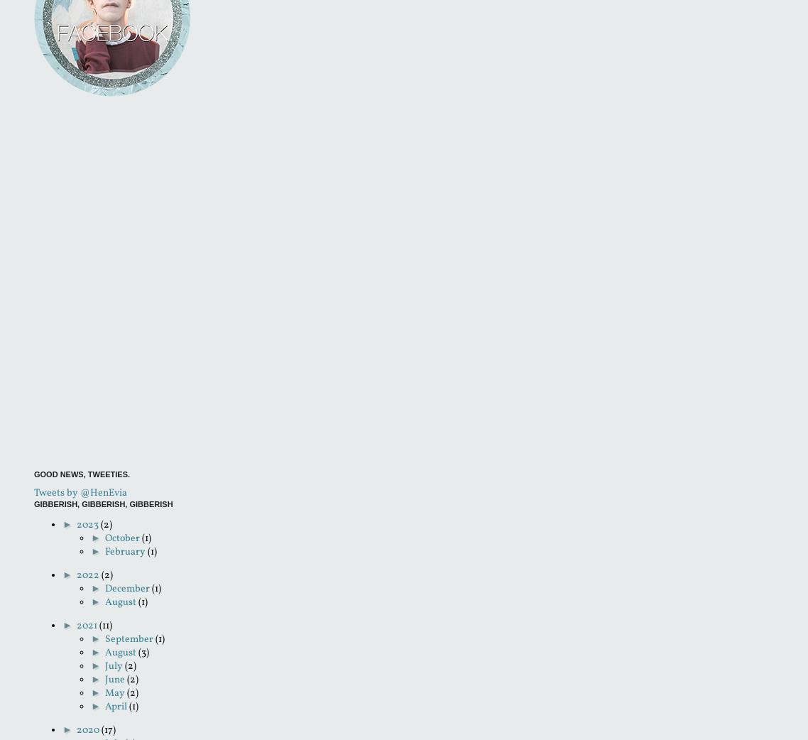 Image resolution: width=808 pixels, height=740 pixels. I want to click on 'Gibberish, gibberish, gibberish', so click(103, 504).